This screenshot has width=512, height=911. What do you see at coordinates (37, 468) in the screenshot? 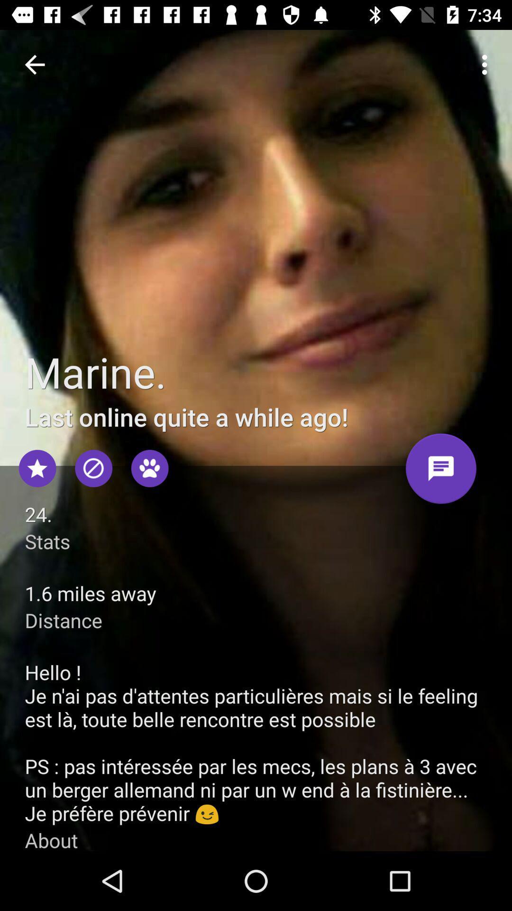
I see `the star icon` at bounding box center [37, 468].